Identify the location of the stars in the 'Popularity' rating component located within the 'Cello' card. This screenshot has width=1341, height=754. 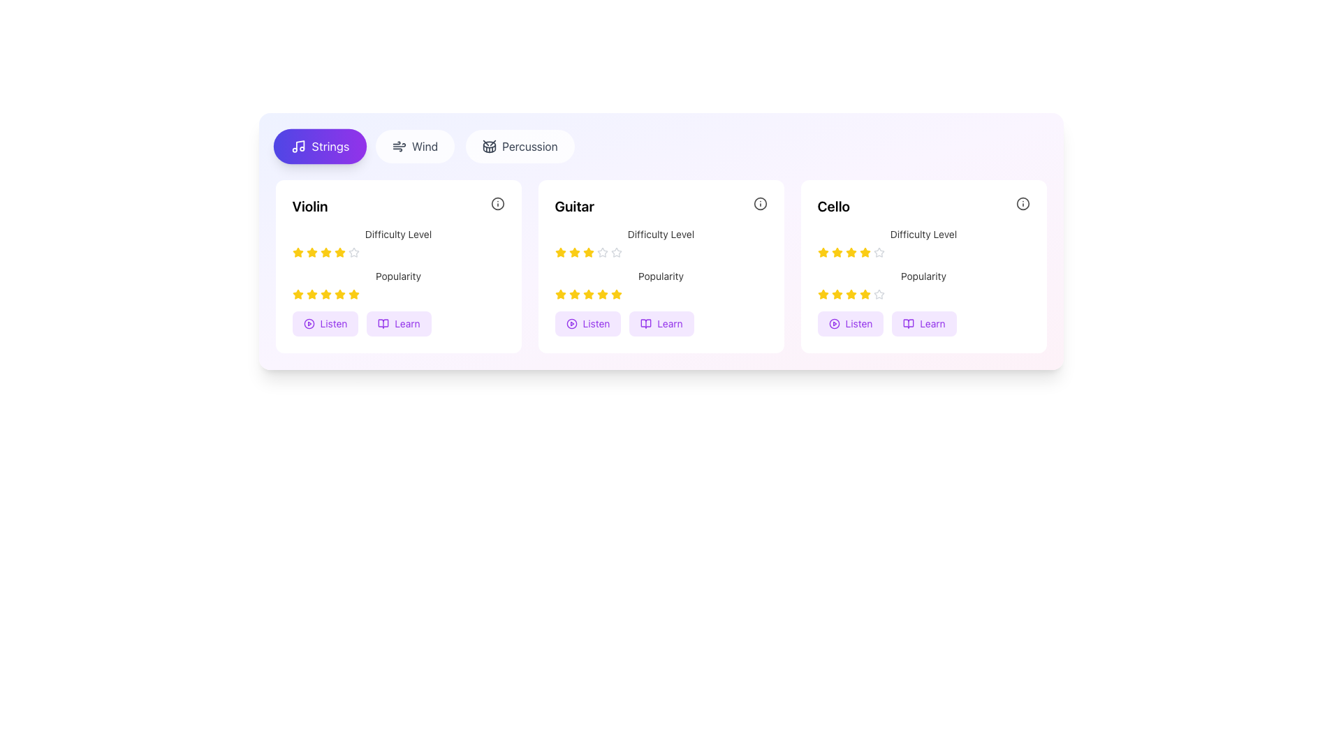
(923, 284).